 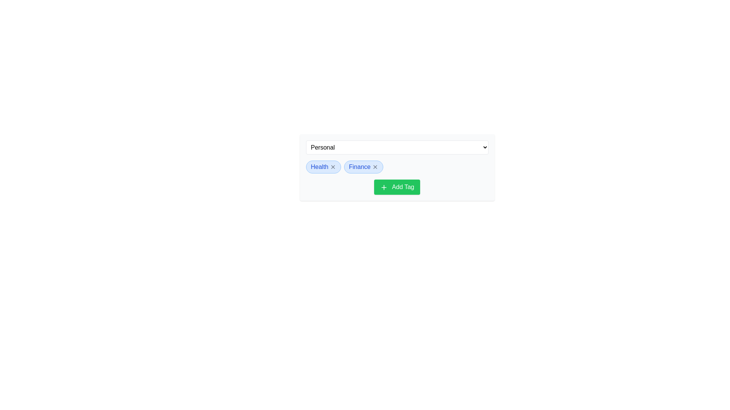 I want to click on the interactive close button 'x' of the category tag component labeled 'Health' to trigger the color change effect, so click(x=323, y=166).